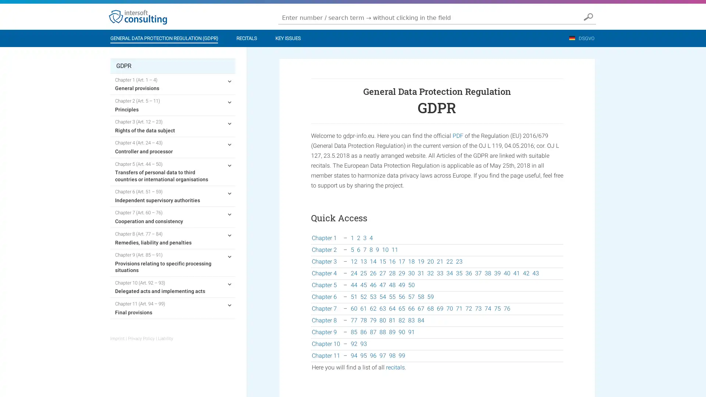 The height and width of the screenshot is (397, 706). Describe the element at coordinates (229, 305) in the screenshot. I see `expand child menu` at that location.